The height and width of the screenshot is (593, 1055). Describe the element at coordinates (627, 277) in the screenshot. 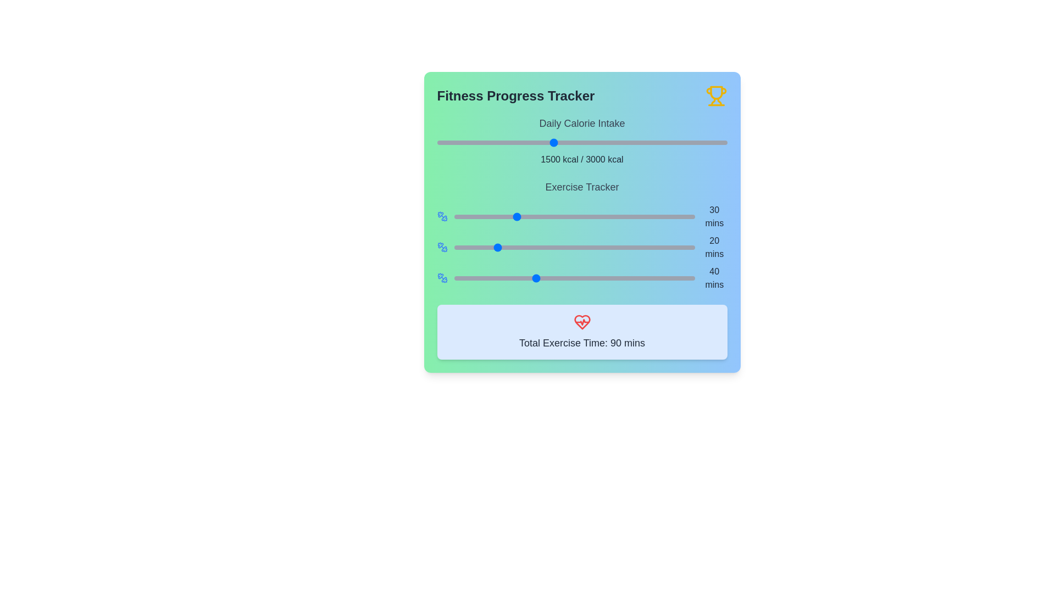

I see `the exercise duration` at that location.